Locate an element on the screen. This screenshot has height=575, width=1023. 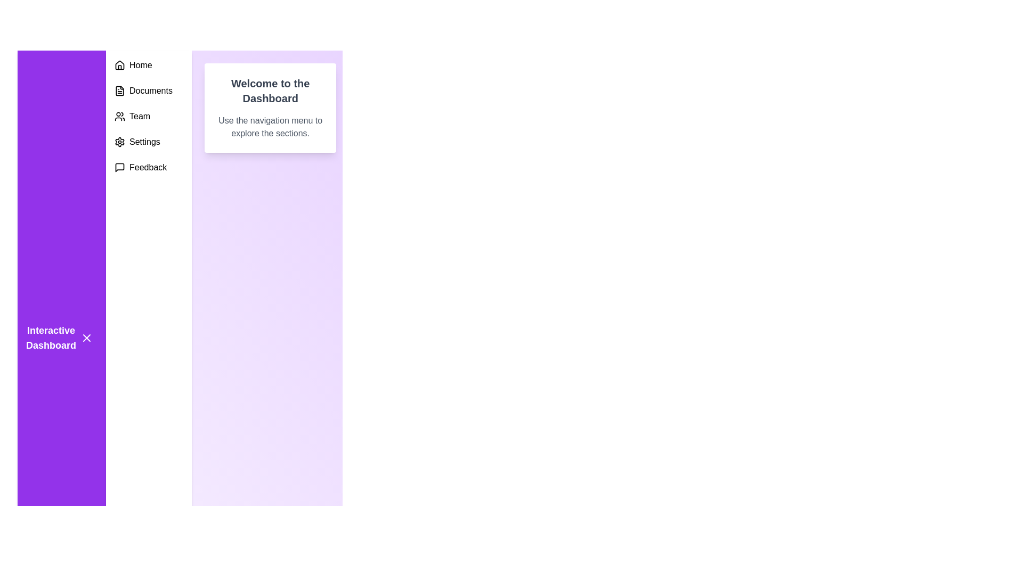
the house icon located at the top of the navigation list, which features a peaked roof and rectangular body, styled in black lines is located at coordinates (120, 65).